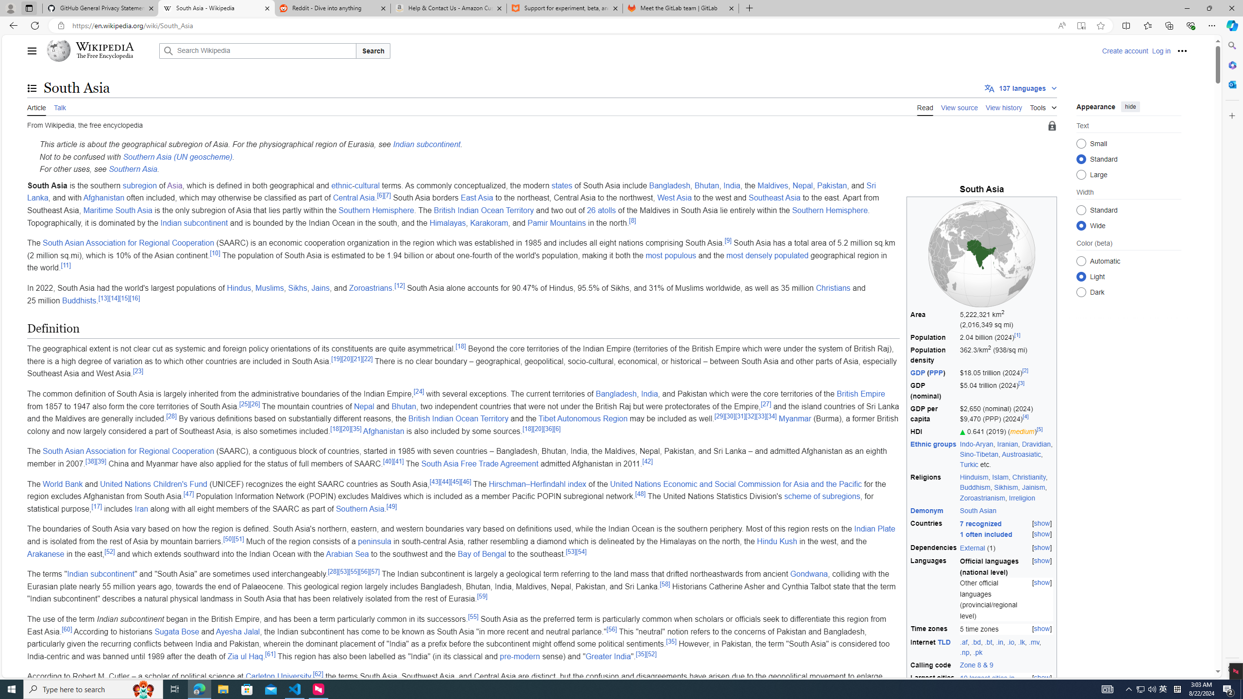  What do you see at coordinates (238, 538) in the screenshot?
I see `'[51]'` at bounding box center [238, 538].